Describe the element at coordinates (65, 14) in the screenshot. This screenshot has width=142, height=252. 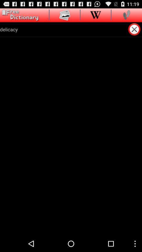
I see `open photos` at that location.